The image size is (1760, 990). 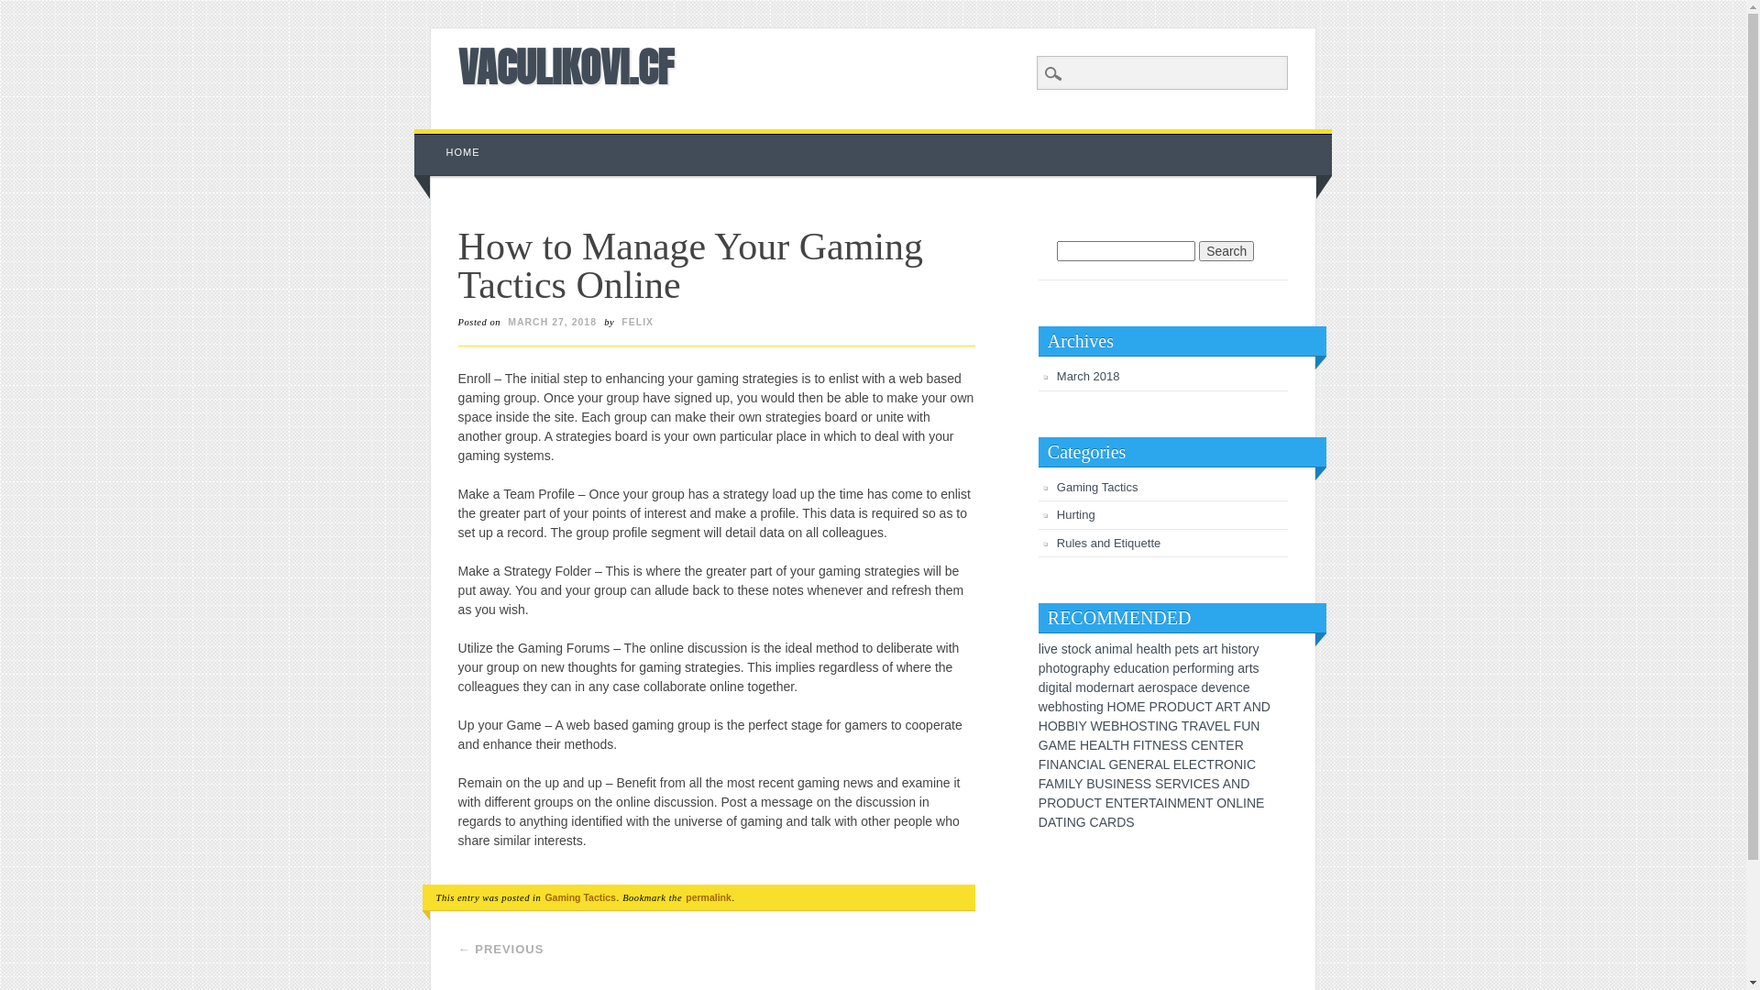 What do you see at coordinates (1042, 648) in the screenshot?
I see `'i'` at bounding box center [1042, 648].